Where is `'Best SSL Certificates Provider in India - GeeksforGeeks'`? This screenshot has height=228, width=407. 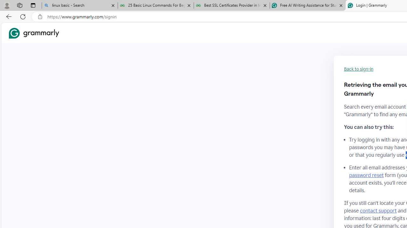
'Best SSL Certificates Provider in India - GeeksforGeeks' is located at coordinates (231, 5).